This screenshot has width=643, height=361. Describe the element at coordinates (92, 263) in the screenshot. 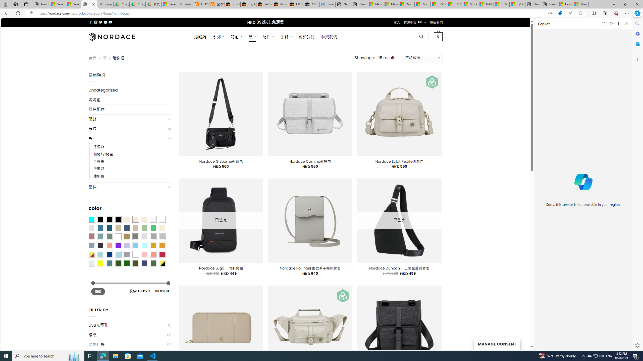

I see `'Dull Nickle'` at that location.